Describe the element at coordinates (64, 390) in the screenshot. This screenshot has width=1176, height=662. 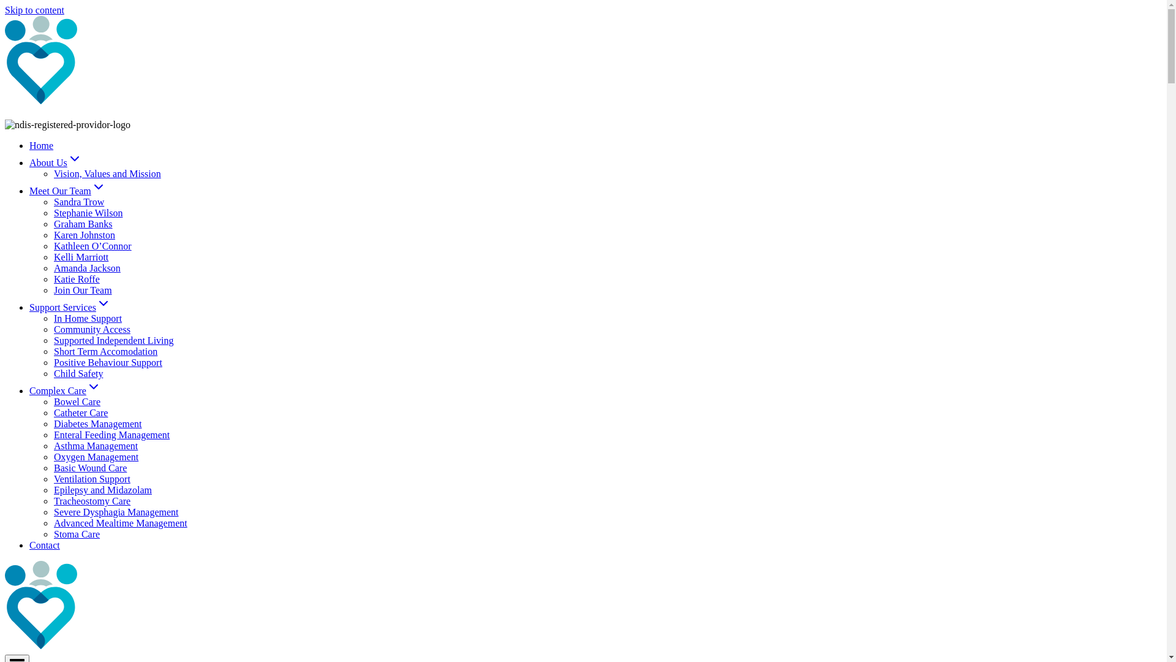
I see `'Complex CareExpand'` at that location.